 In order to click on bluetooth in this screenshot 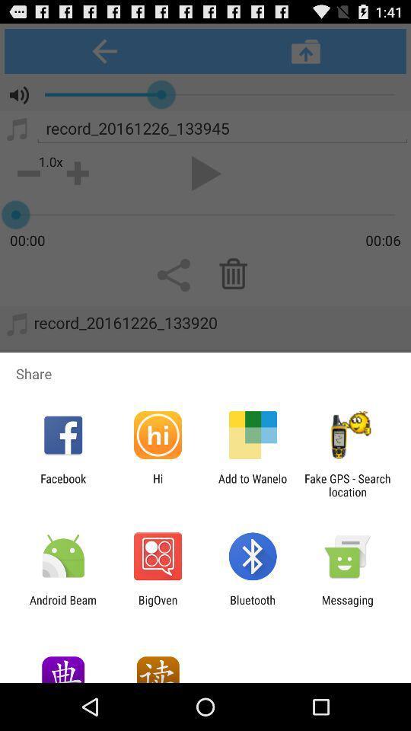, I will do `click(253, 606)`.